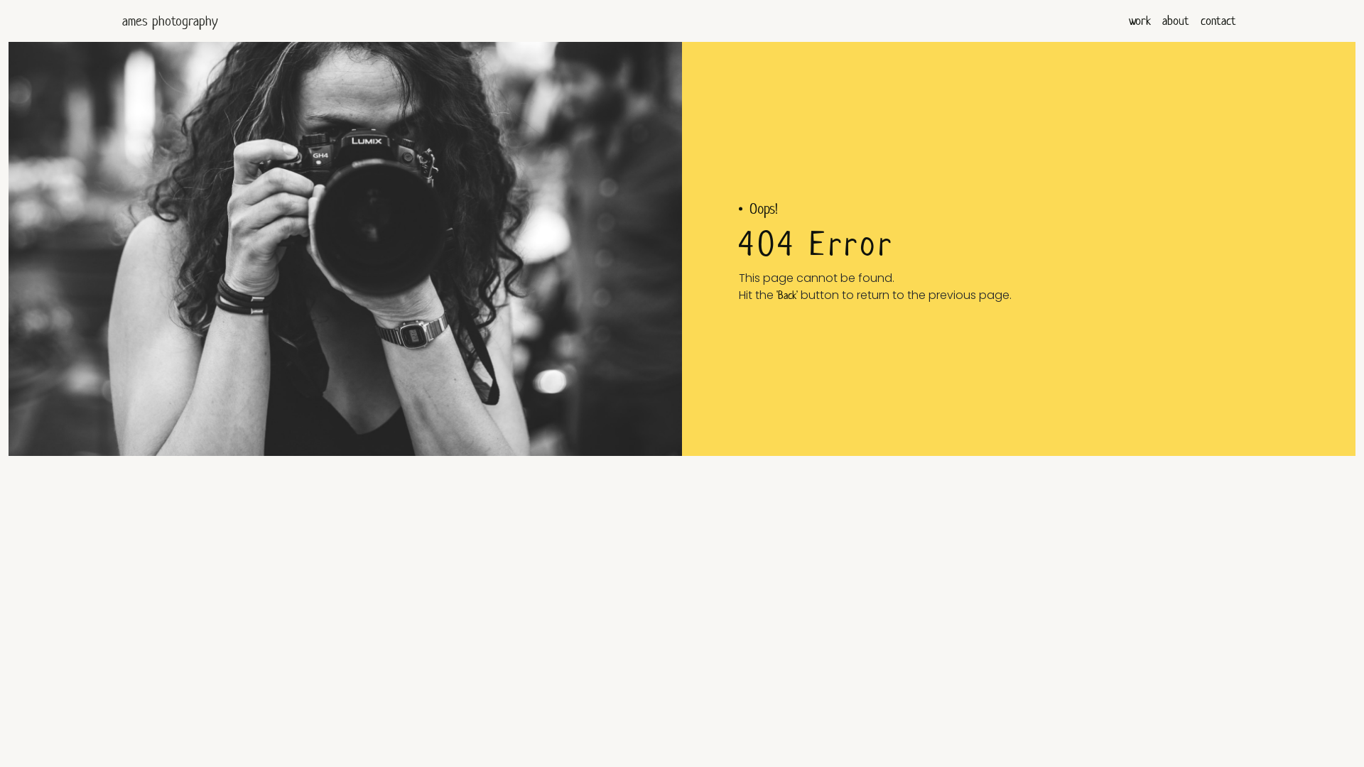  I want to click on 'ames photography', so click(122, 21).